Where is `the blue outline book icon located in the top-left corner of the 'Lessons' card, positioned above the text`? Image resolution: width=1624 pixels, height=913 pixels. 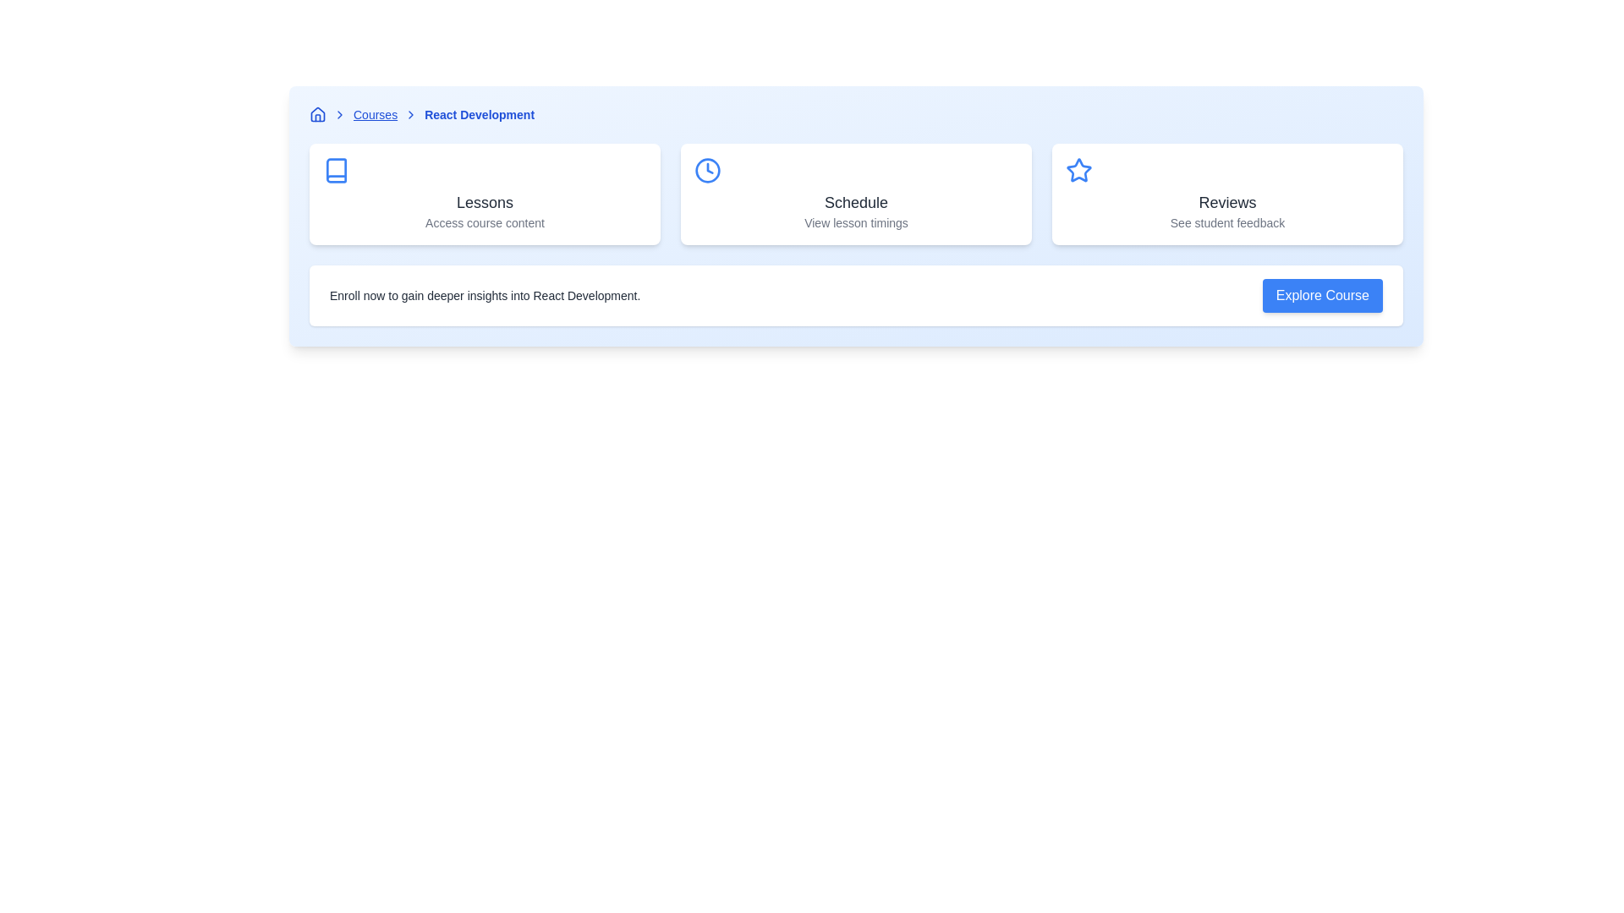 the blue outline book icon located in the top-left corner of the 'Lessons' card, positioned above the text is located at coordinates (337, 170).